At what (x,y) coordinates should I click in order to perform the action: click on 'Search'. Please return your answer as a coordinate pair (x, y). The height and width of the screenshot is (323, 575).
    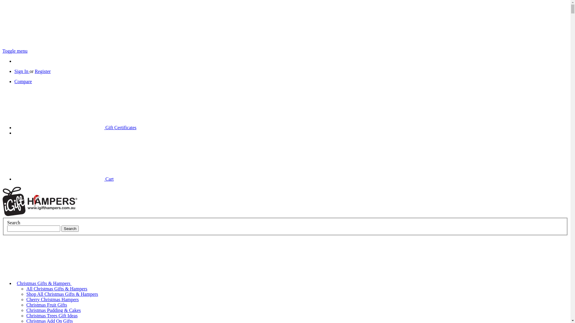
    Looking at the image, I should click on (70, 228).